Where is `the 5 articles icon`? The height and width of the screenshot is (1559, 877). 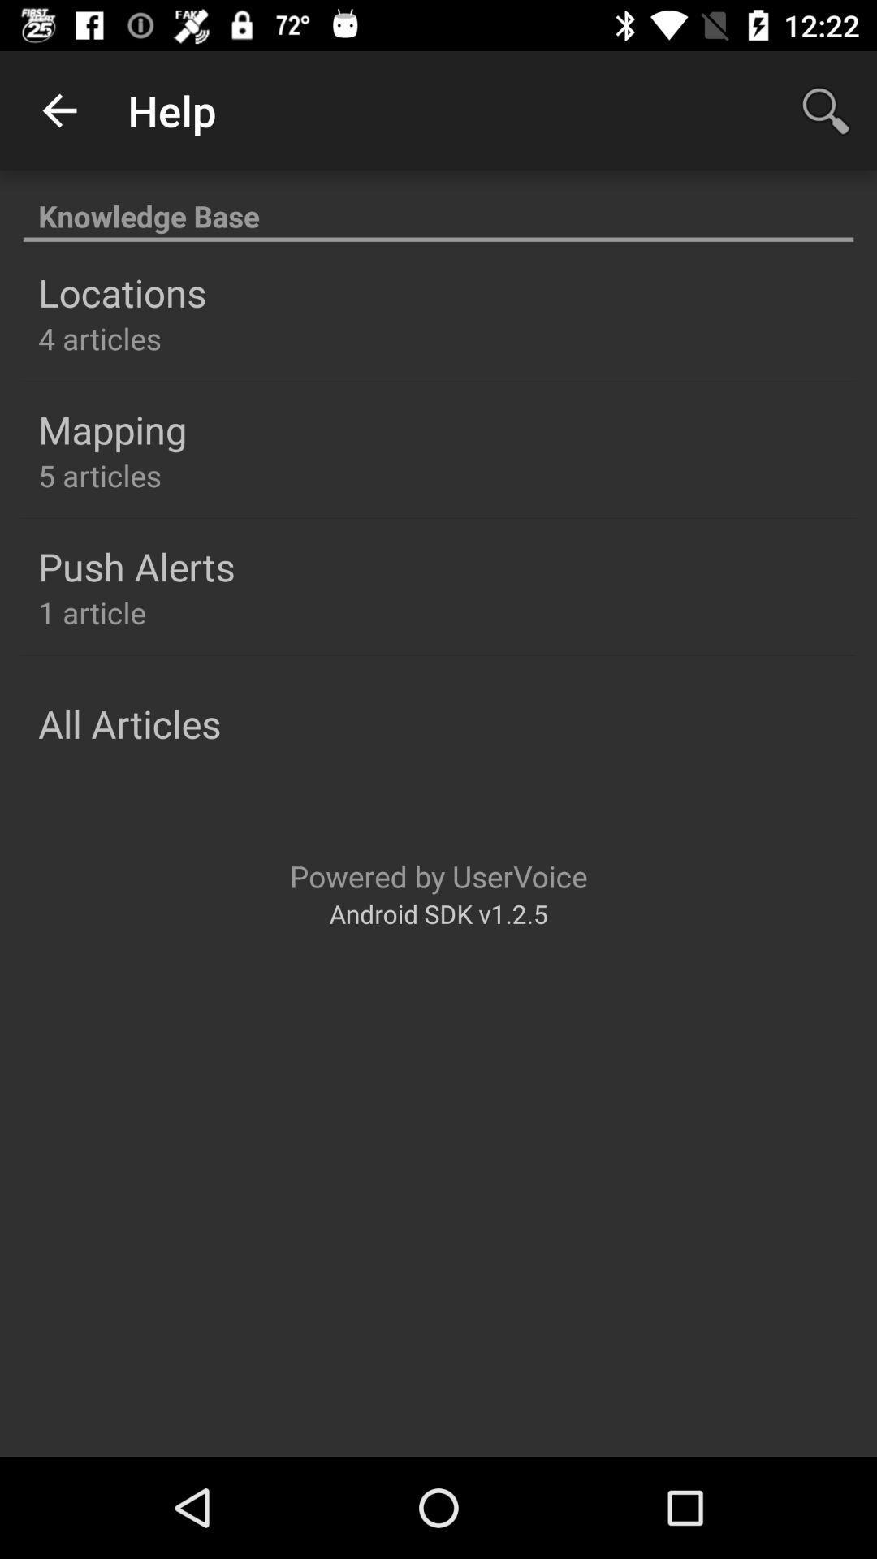 the 5 articles icon is located at coordinates (100, 474).